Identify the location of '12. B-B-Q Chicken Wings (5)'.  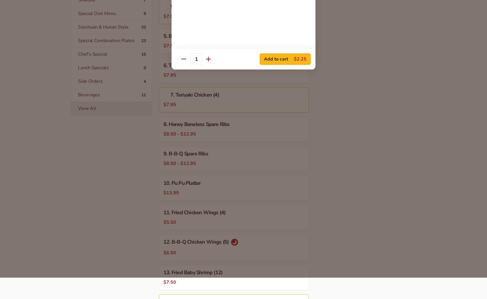
(163, 242).